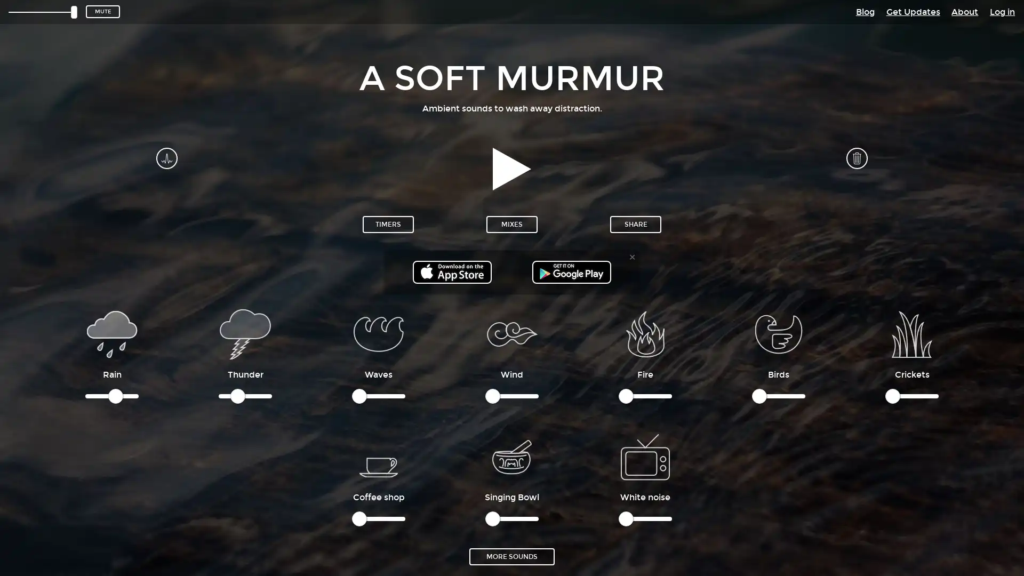  I want to click on When meander is active, the volume of each active sound wanders up and down at random., so click(166, 158).